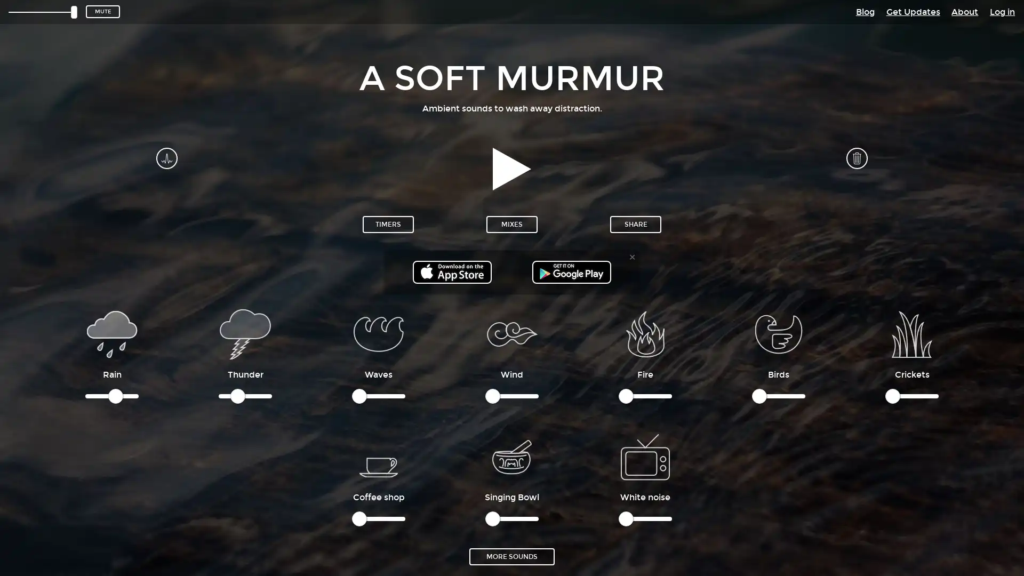  I want to click on When meander is active, the volume of each active sound wanders up and down at random., so click(166, 158).